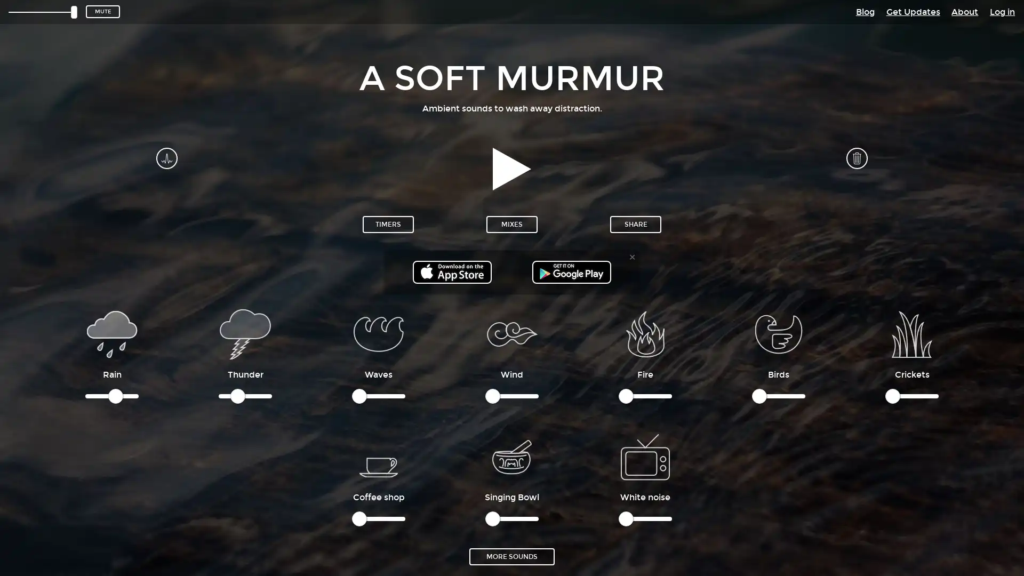  I want to click on When meander is active, the volume of each active sound wanders up and down at random., so click(166, 158).